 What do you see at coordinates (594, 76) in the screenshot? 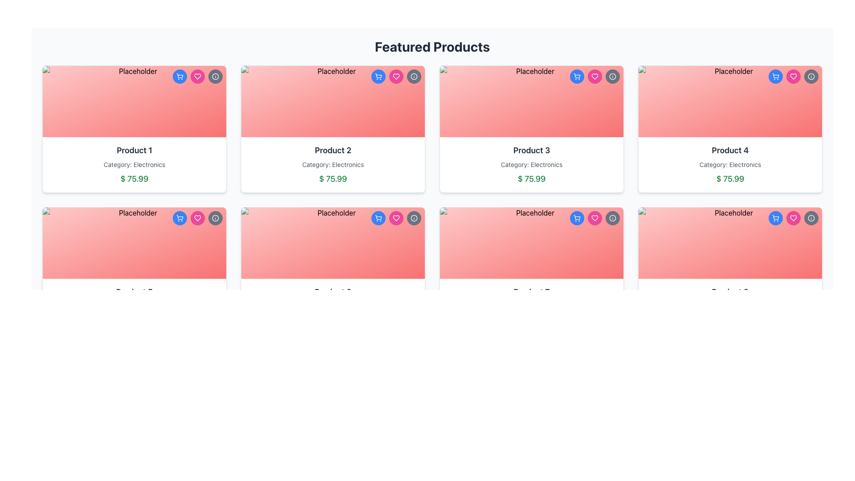
I see `the heart icon in the upper-right corner of the third card in the product grid` at bounding box center [594, 76].